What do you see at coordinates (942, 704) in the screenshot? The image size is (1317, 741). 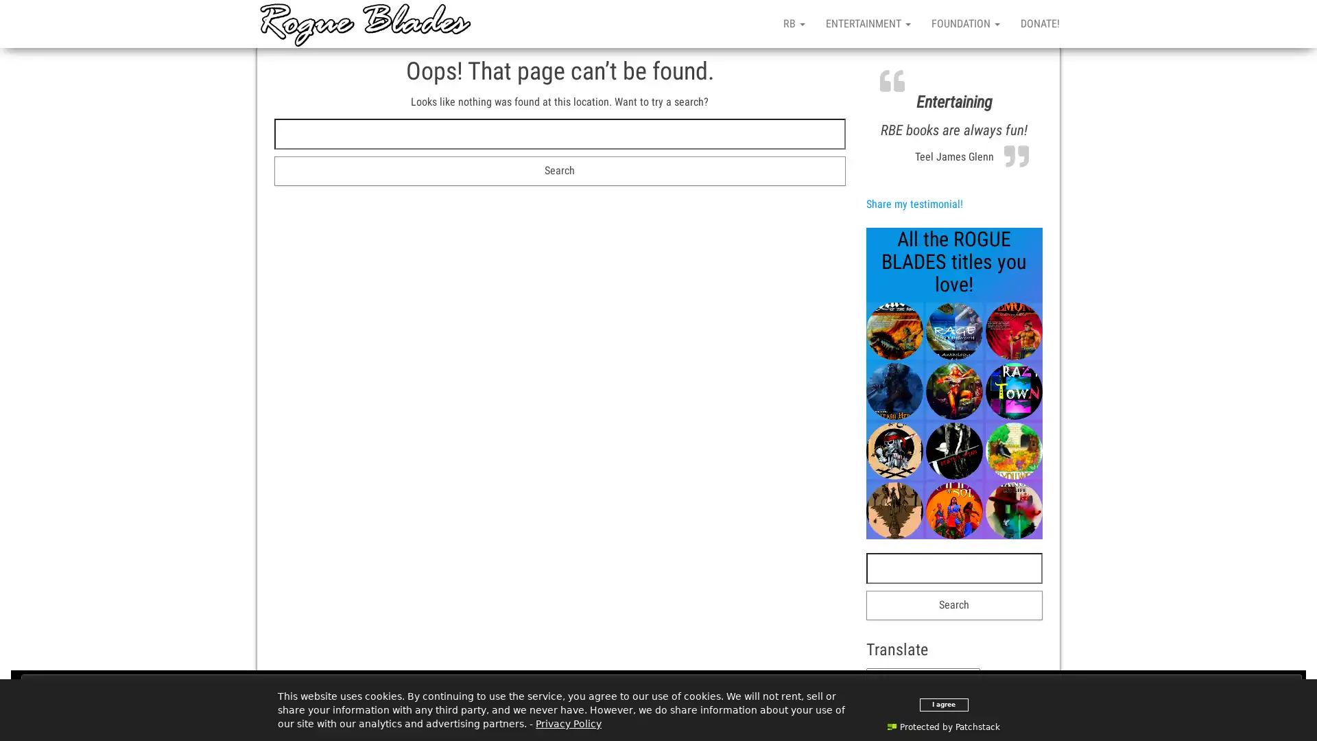 I see `I agree` at bounding box center [942, 704].